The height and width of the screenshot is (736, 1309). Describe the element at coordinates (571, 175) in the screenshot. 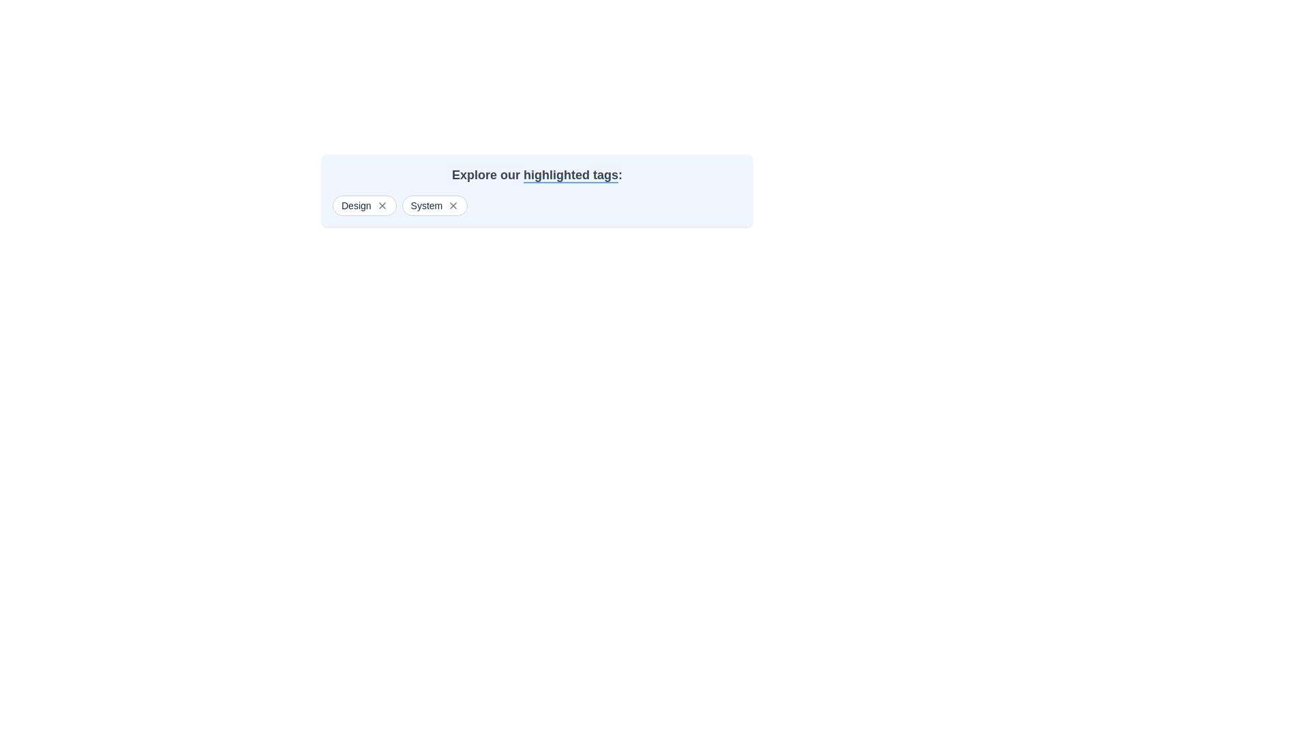

I see `the text label styled with a blue underline that specifies 'highlighted tags' within the phrase 'Explore our highlighted tags:'` at that location.